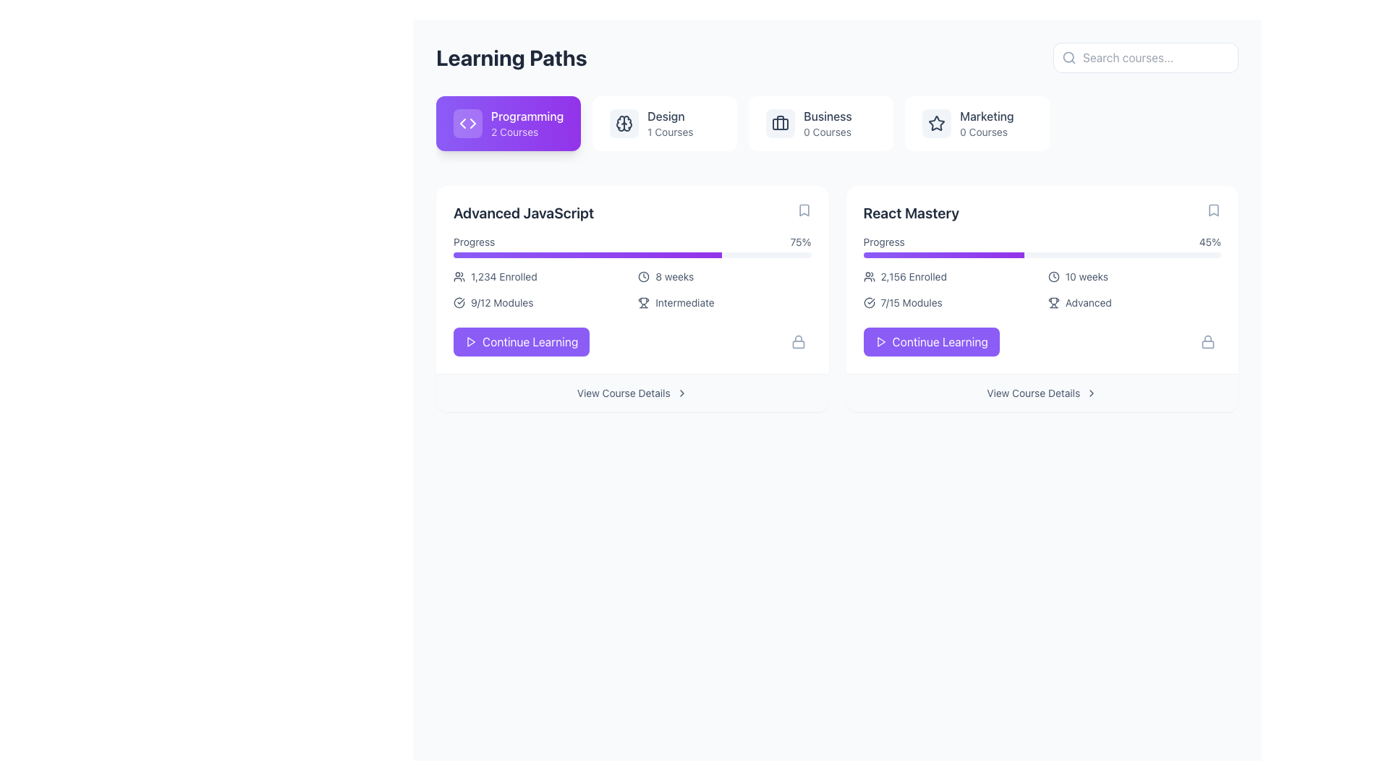 This screenshot has width=1389, height=781. What do you see at coordinates (1042, 245) in the screenshot?
I see `progress percentage from the progress bar labeled 'Progress' which shows '45%' on the right side, located within the 'React Mastery' course card` at bounding box center [1042, 245].